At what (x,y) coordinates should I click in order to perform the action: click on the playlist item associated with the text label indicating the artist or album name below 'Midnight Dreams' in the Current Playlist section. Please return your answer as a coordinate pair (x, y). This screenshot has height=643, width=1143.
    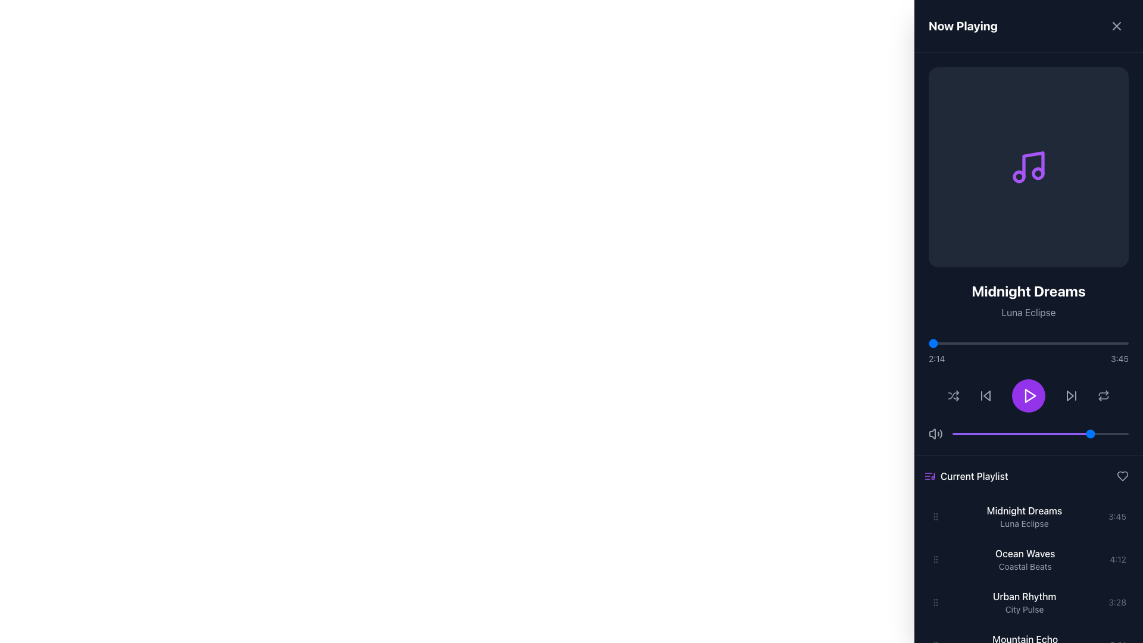
    Looking at the image, I should click on (1024, 523).